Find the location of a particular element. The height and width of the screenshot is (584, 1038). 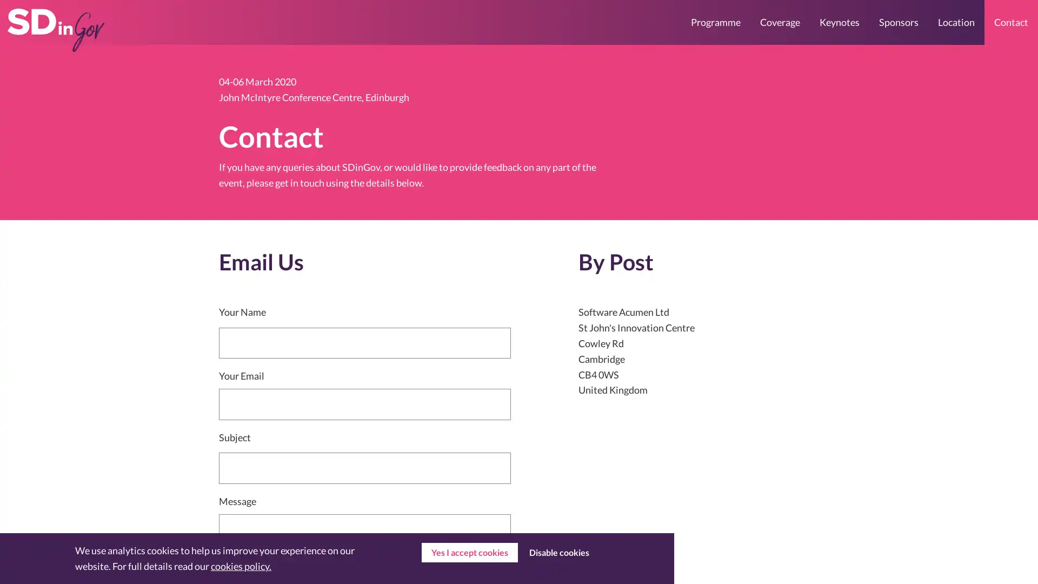

Yes I accept cookies is located at coordinates (469, 553).